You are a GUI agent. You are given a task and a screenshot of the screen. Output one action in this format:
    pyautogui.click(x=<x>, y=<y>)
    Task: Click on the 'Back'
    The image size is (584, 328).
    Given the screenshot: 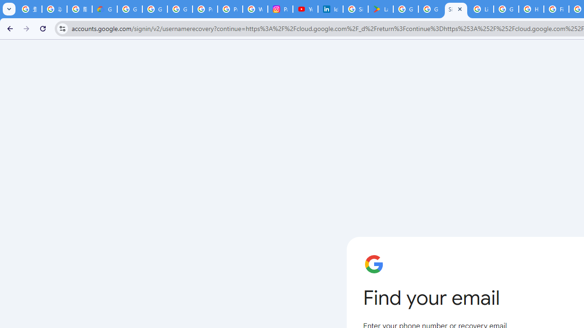 What is the action you would take?
    pyautogui.click(x=9, y=28)
    